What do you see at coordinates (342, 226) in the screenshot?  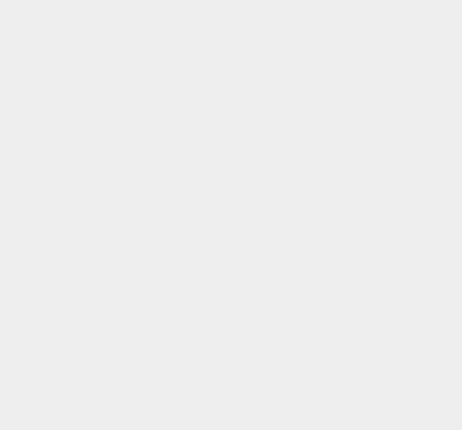 I see `'Android Oreo'` at bounding box center [342, 226].